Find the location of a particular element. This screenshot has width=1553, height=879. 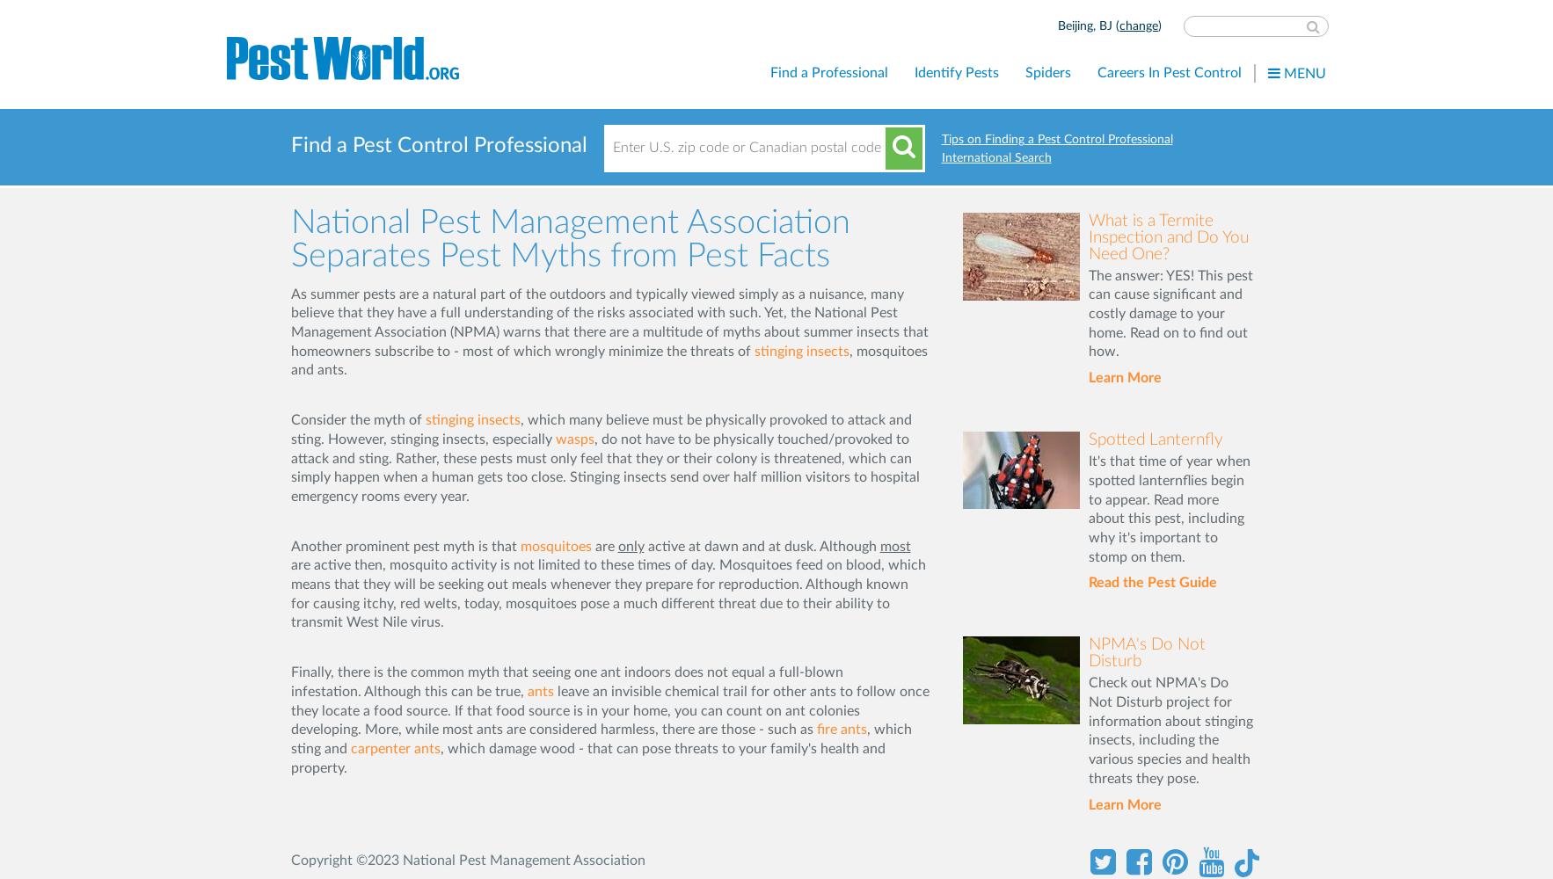

'Spotted Lanternfly' is located at coordinates (1154, 439).